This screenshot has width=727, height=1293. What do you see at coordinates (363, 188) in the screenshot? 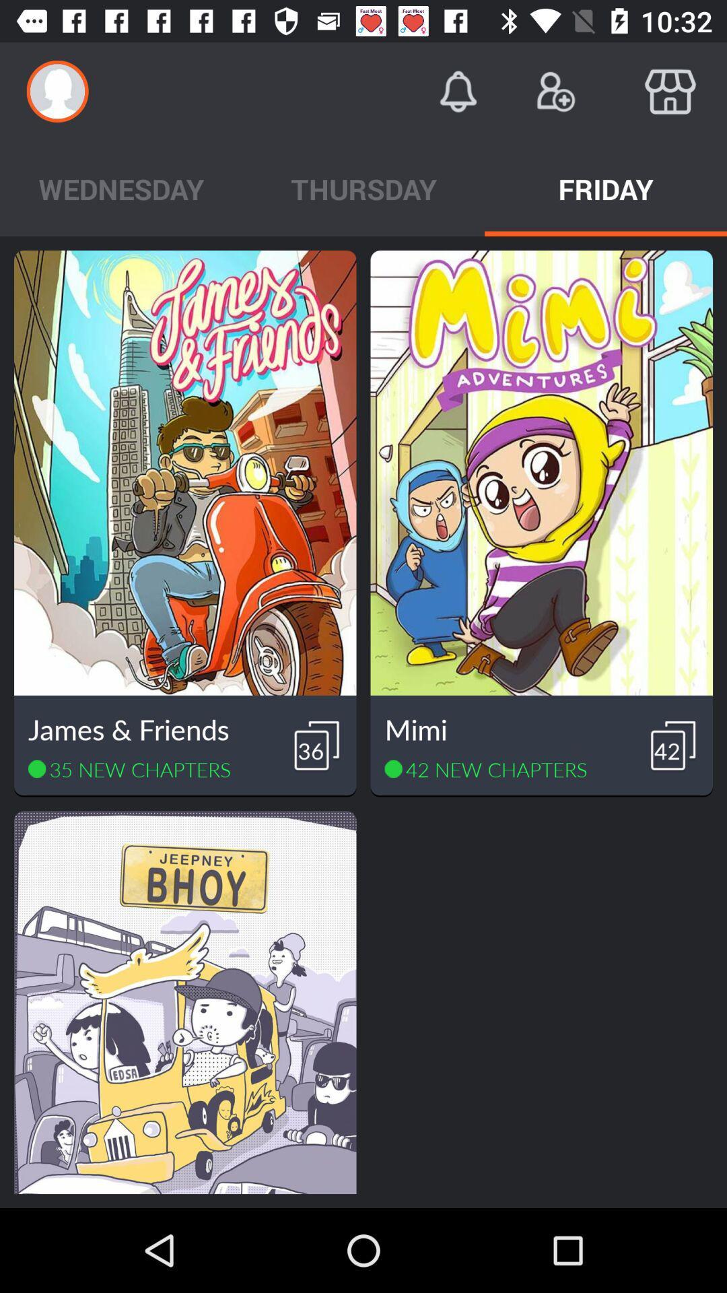
I see `thursday` at bounding box center [363, 188].